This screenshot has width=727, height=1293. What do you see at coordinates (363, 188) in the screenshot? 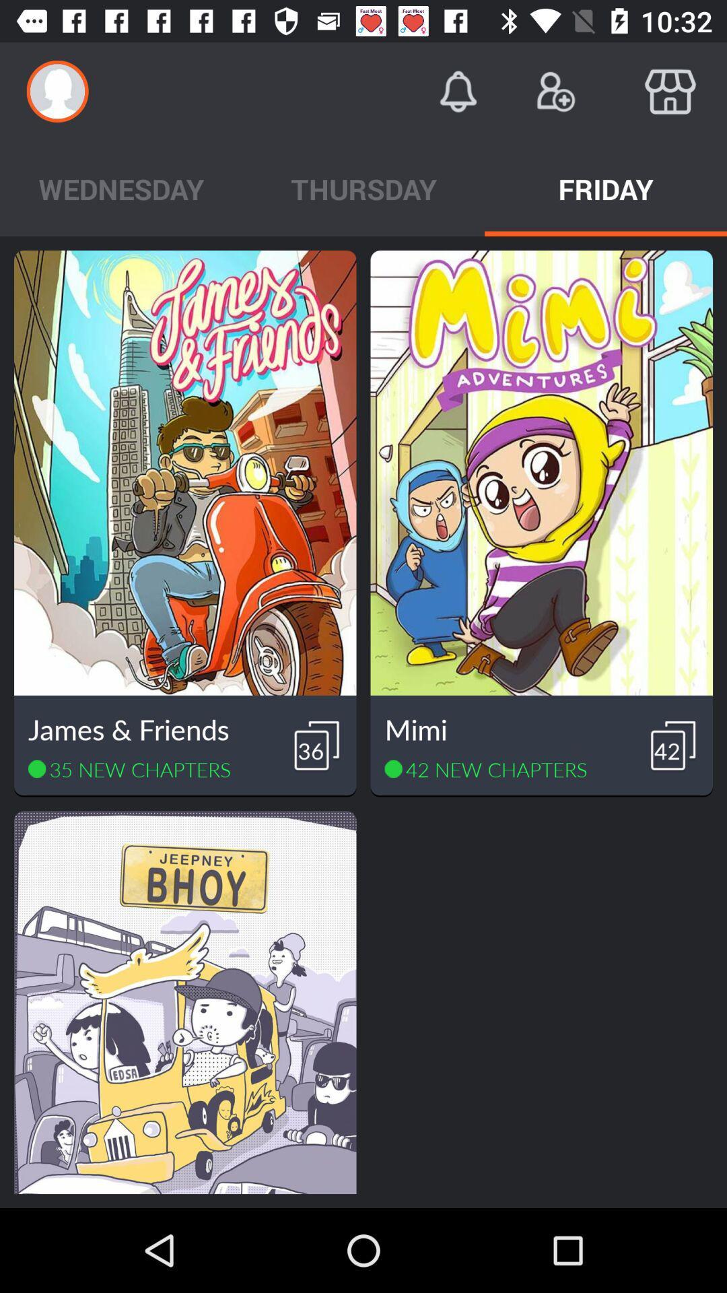
I see `thursday` at bounding box center [363, 188].